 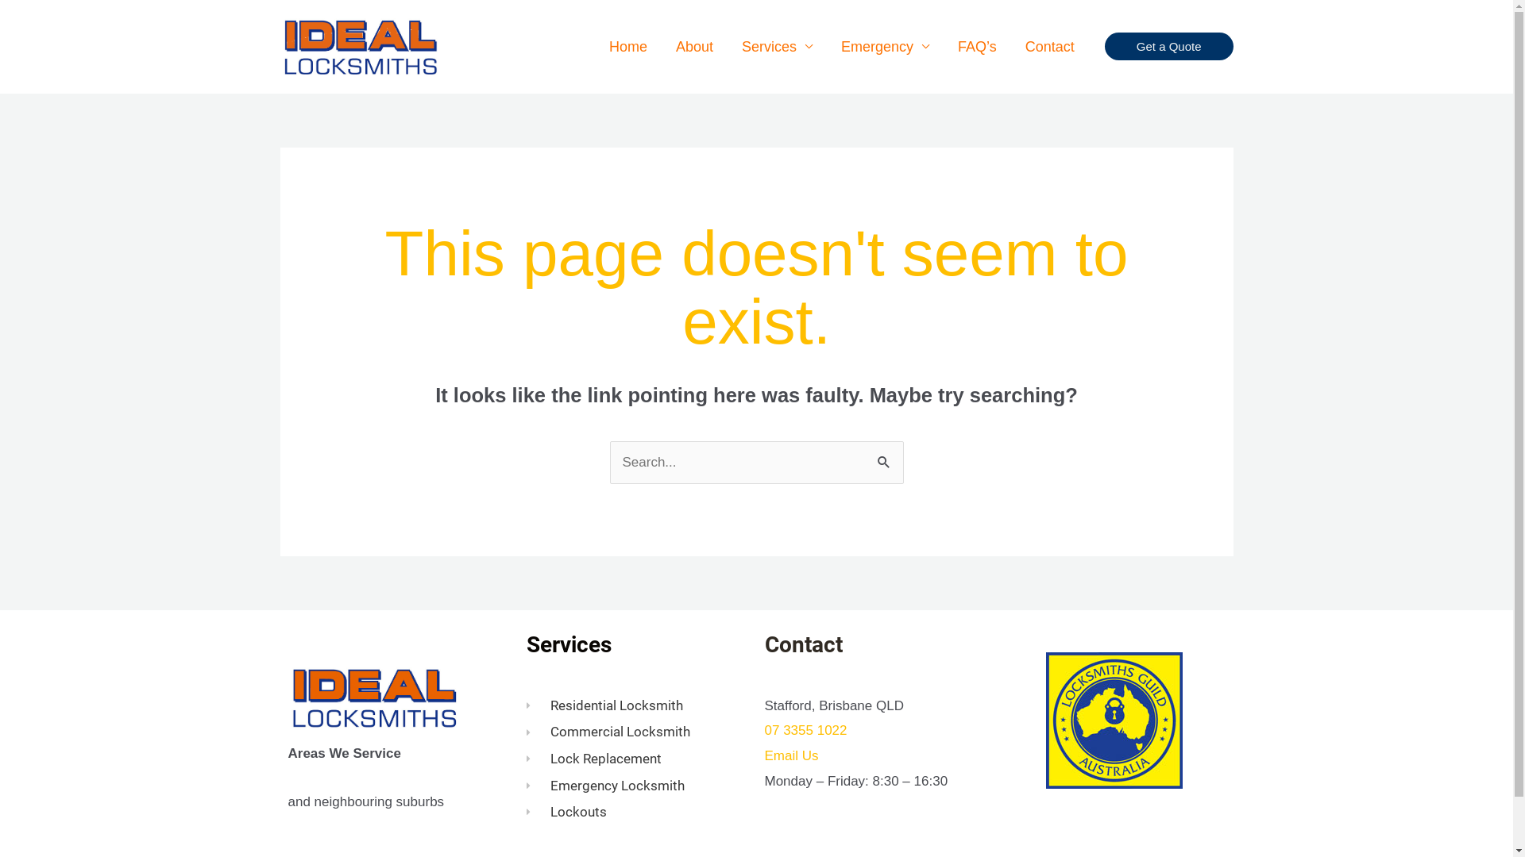 What do you see at coordinates (884, 45) in the screenshot?
I see `'Emergency'` at bounding box center [884, 45].